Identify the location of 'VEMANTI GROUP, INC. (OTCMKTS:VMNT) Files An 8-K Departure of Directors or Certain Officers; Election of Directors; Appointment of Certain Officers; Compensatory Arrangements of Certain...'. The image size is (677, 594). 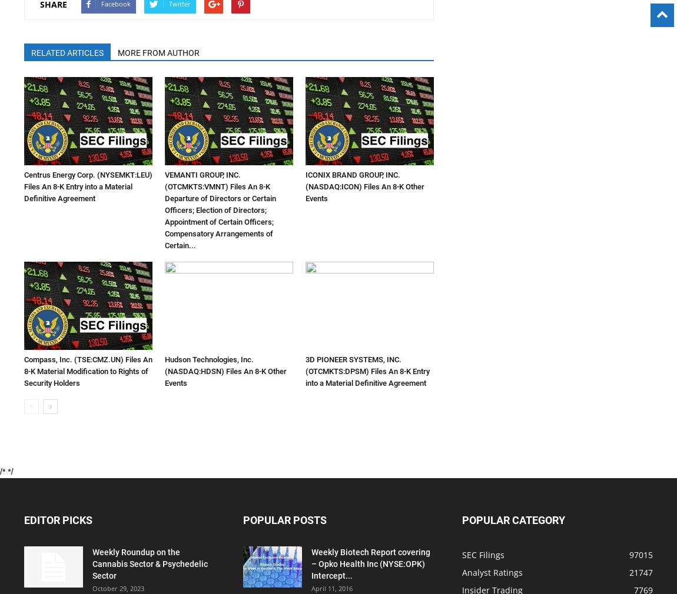
(220, 210).